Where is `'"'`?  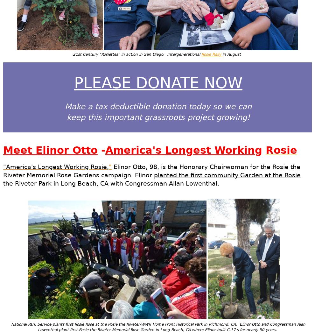
'"' is located at coordinates (110, 166).